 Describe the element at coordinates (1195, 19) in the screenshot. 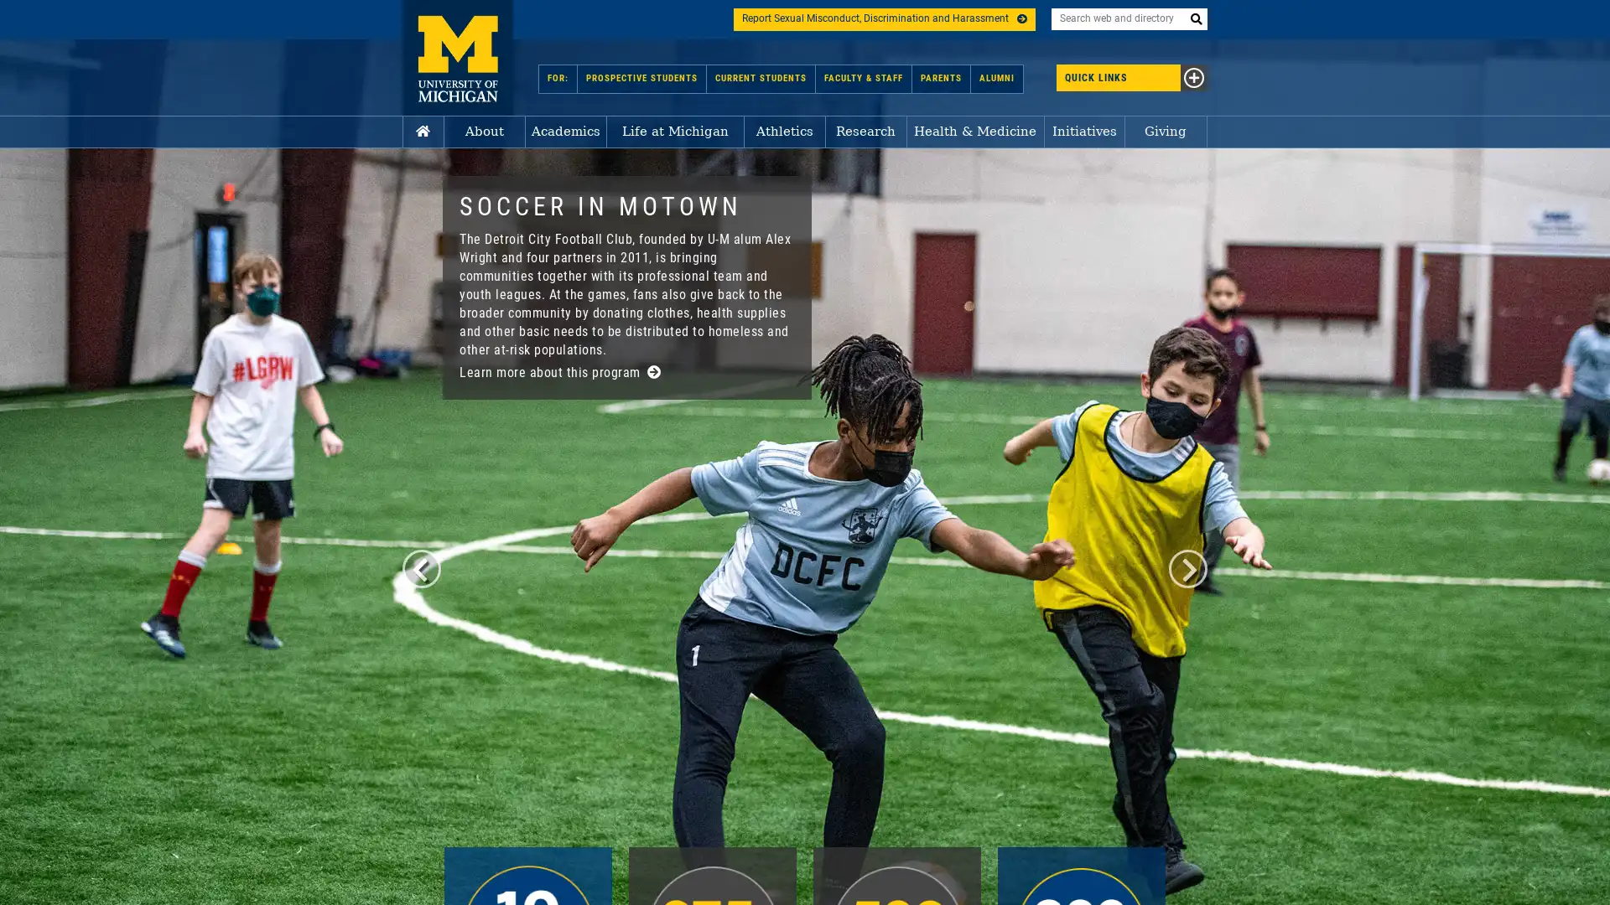

I see `Search` at that location.